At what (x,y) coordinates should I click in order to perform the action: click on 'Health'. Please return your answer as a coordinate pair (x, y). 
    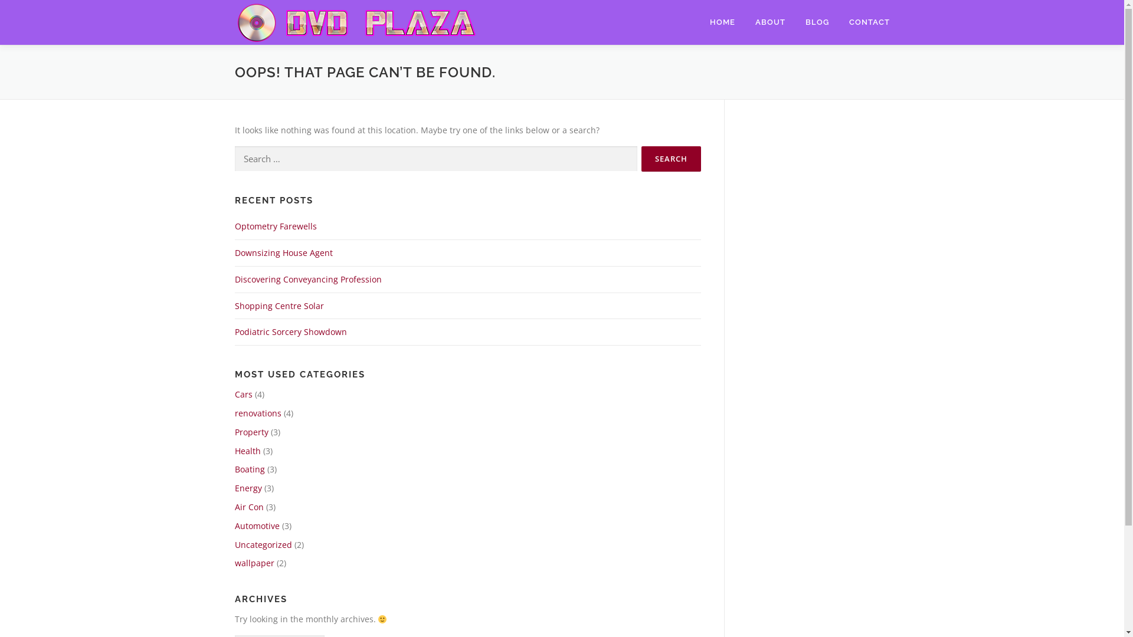
    Looking at the image, I should click on (247, 451).